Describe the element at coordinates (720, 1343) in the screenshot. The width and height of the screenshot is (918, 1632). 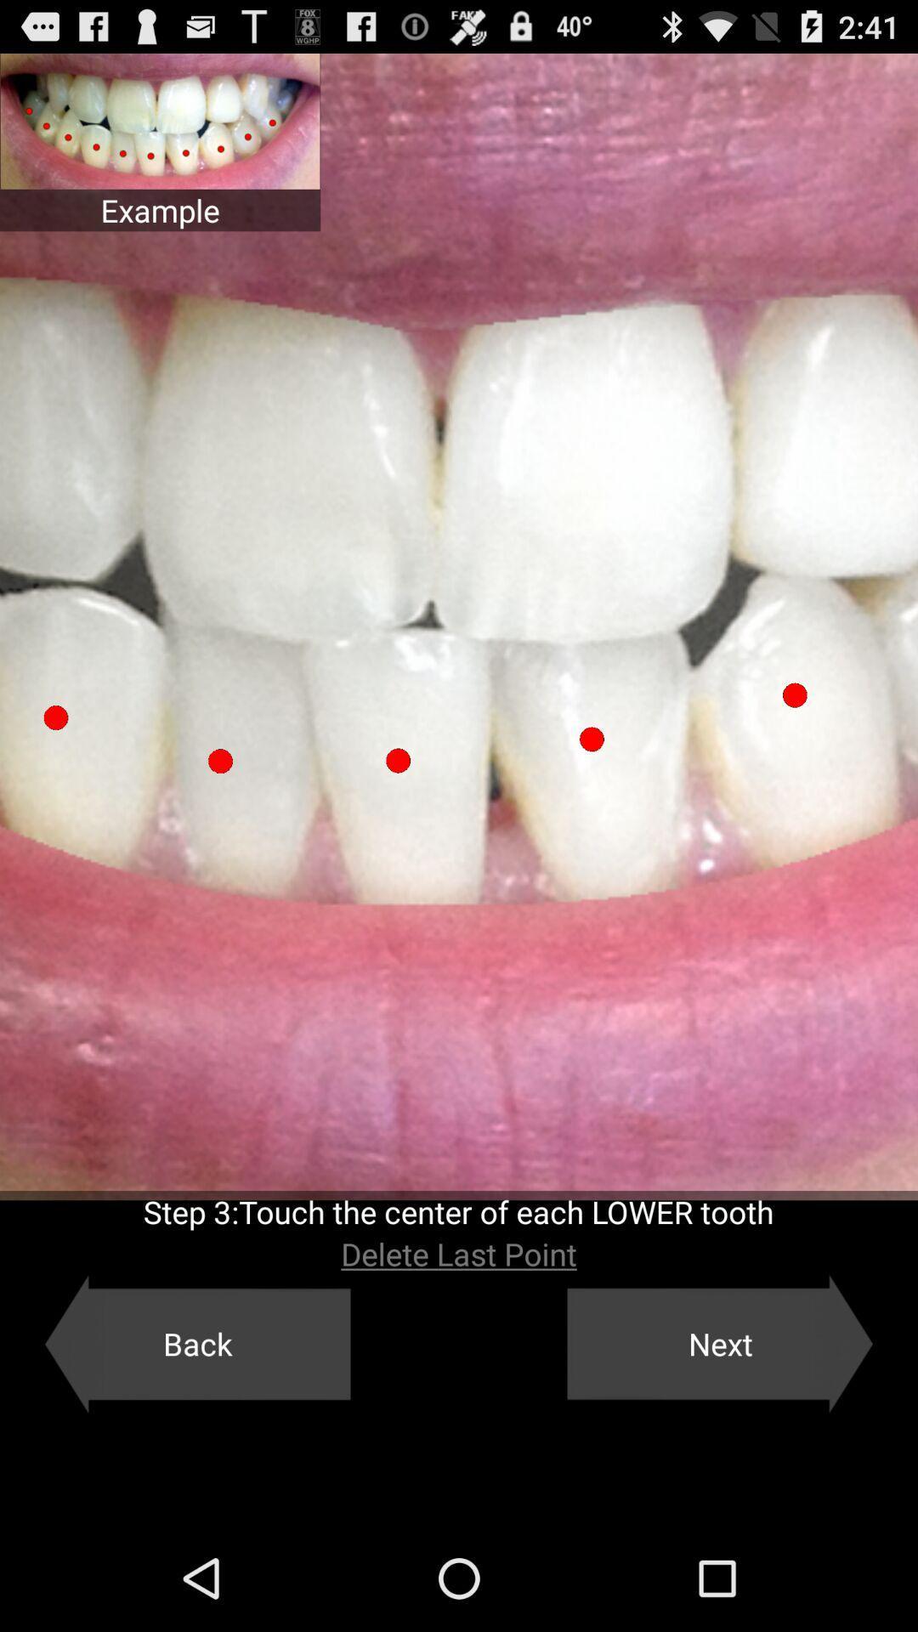
I see `item below delete last point app` at that location.